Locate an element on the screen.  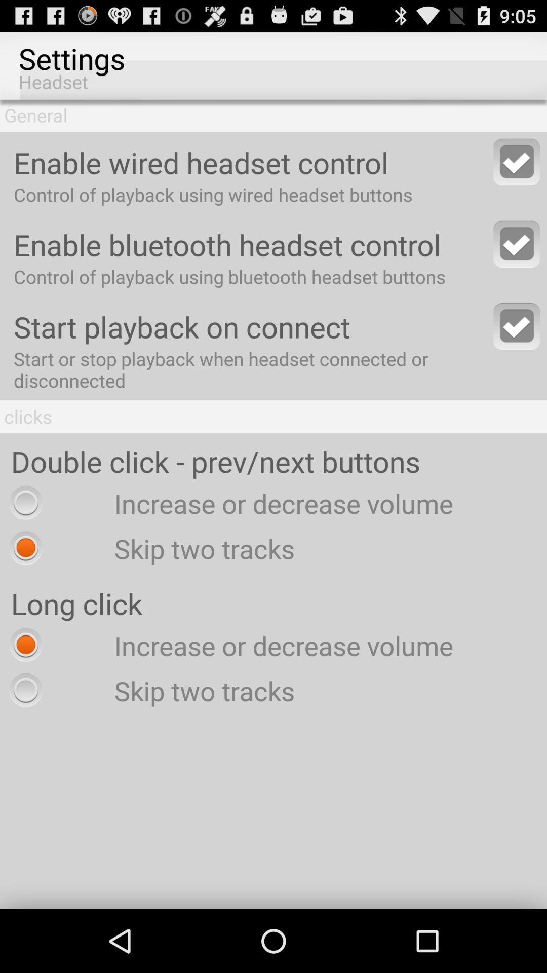
enable bluetooth is located at coordinates (517, 244).